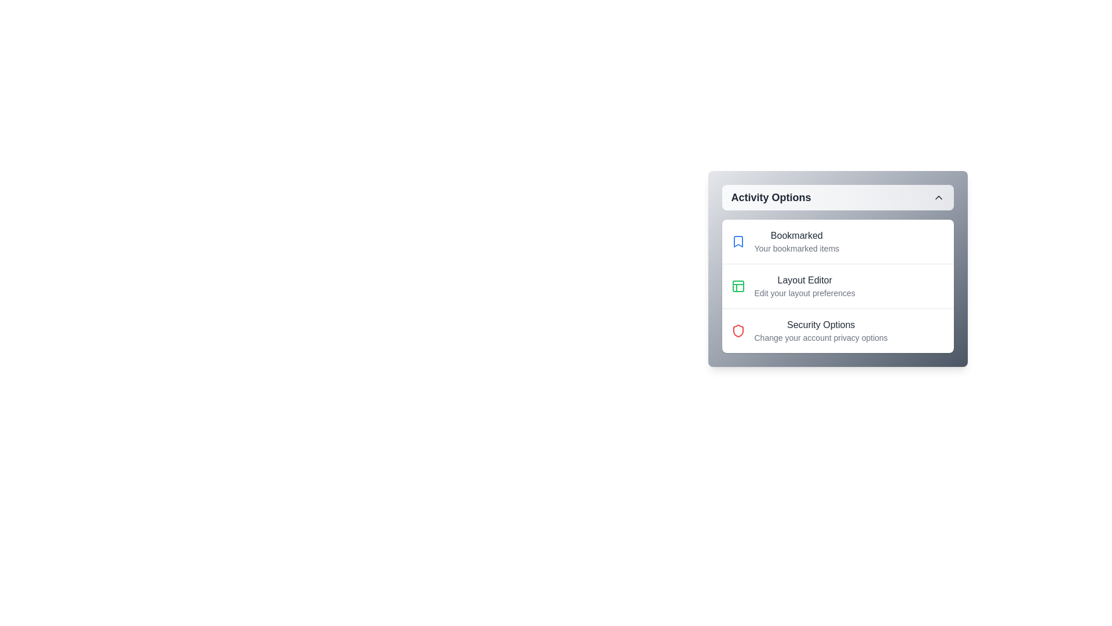 Image resolution: width=1112 pixels, height=626 pixels. What do you see at coordinates (796, 248) in the screenshot?
I see `the instructional text located below the 'Bookmarked' section in the 'Activity Options' panel` at bounding box center [796, 248].